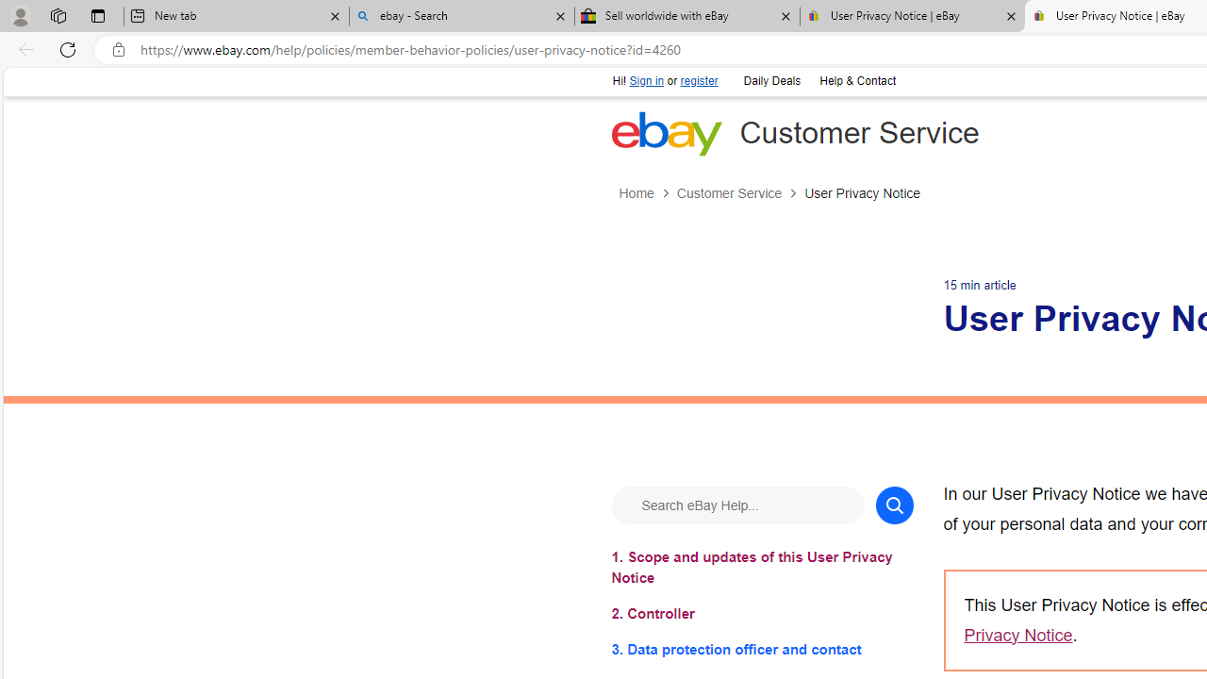 This screenshot has width=1207, height=679. What do you see at coordinates (698, 80) in the screenshot?
I see `'register'` at bounding box center [698, 80].